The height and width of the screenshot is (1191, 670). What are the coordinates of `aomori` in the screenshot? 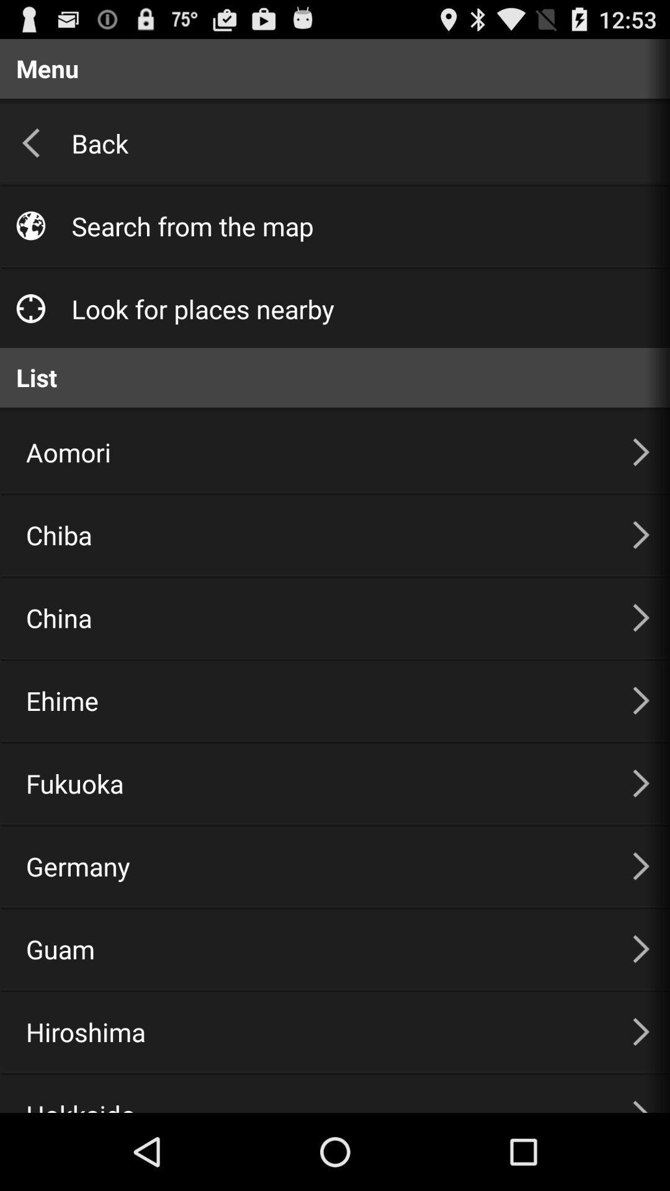 It's located at (313, 452).